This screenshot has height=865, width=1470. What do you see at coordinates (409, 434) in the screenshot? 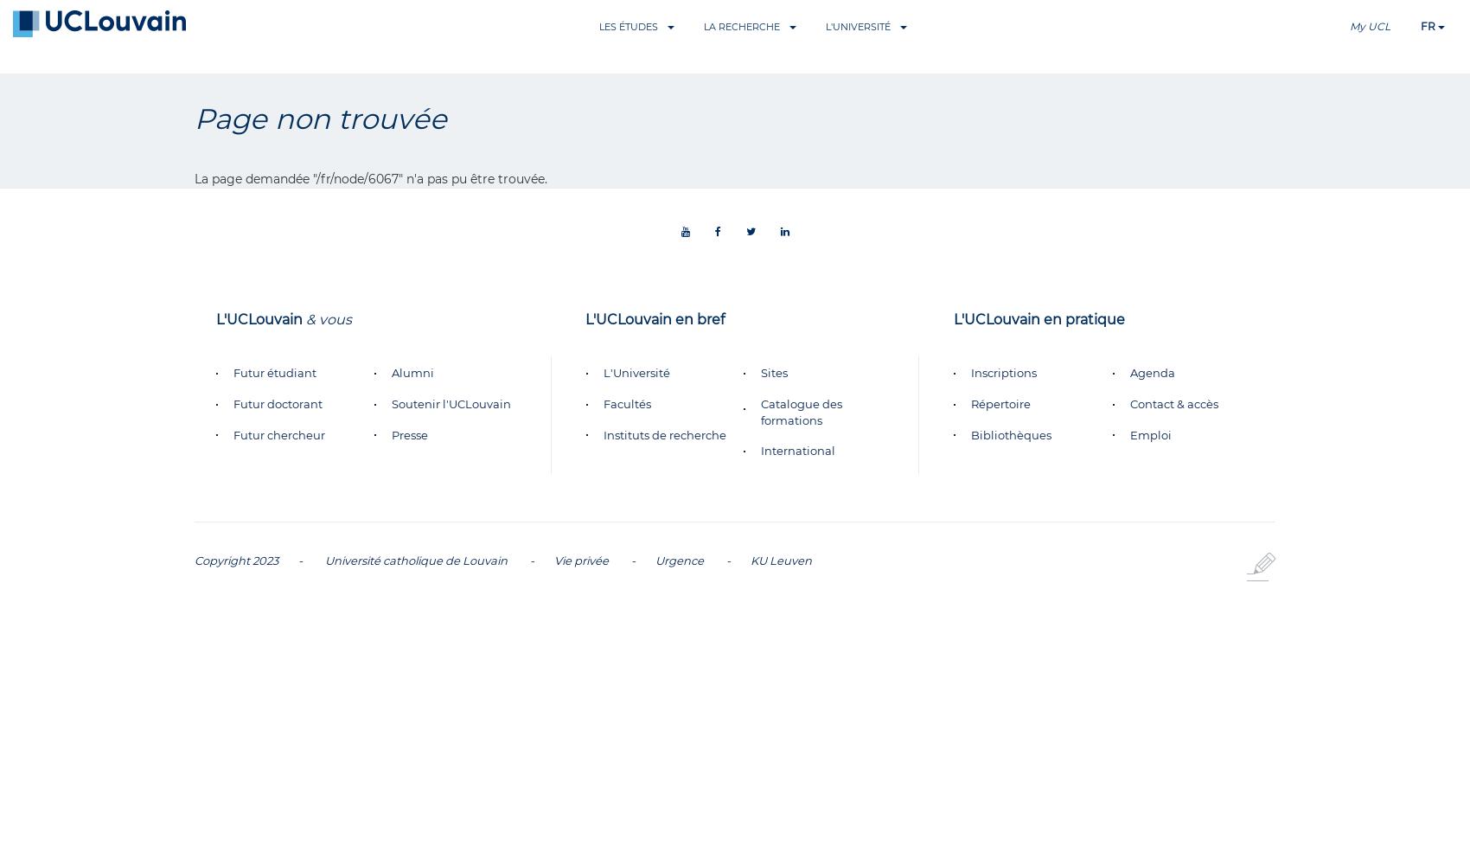
I see `'Presse'` at bounding box center [409, 434].